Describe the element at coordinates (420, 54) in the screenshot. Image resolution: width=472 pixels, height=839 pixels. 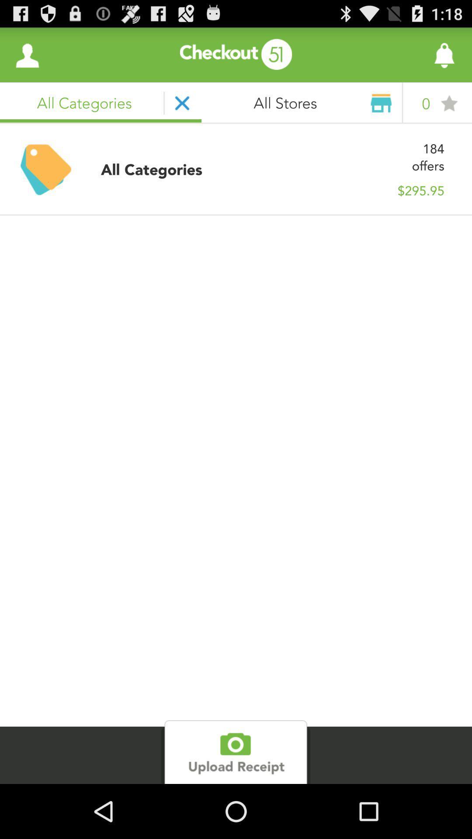
I see `like` at that location.